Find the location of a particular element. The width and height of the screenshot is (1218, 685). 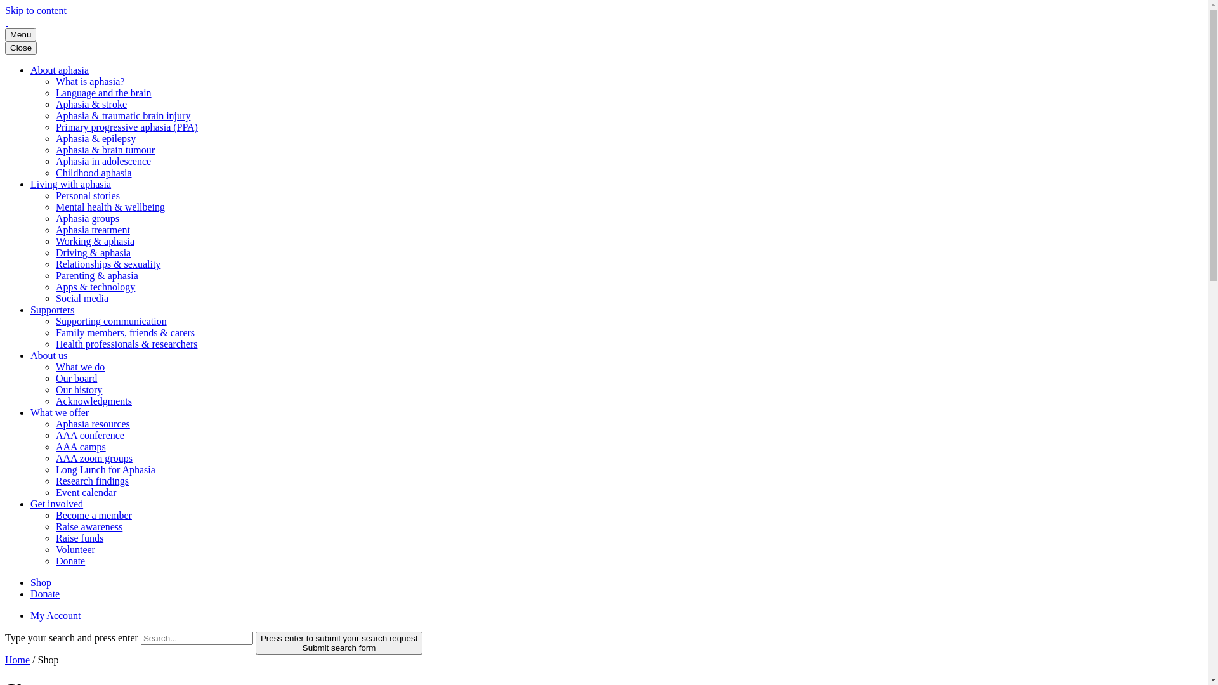

'About aphasia' is located at coordinates (59, 70).